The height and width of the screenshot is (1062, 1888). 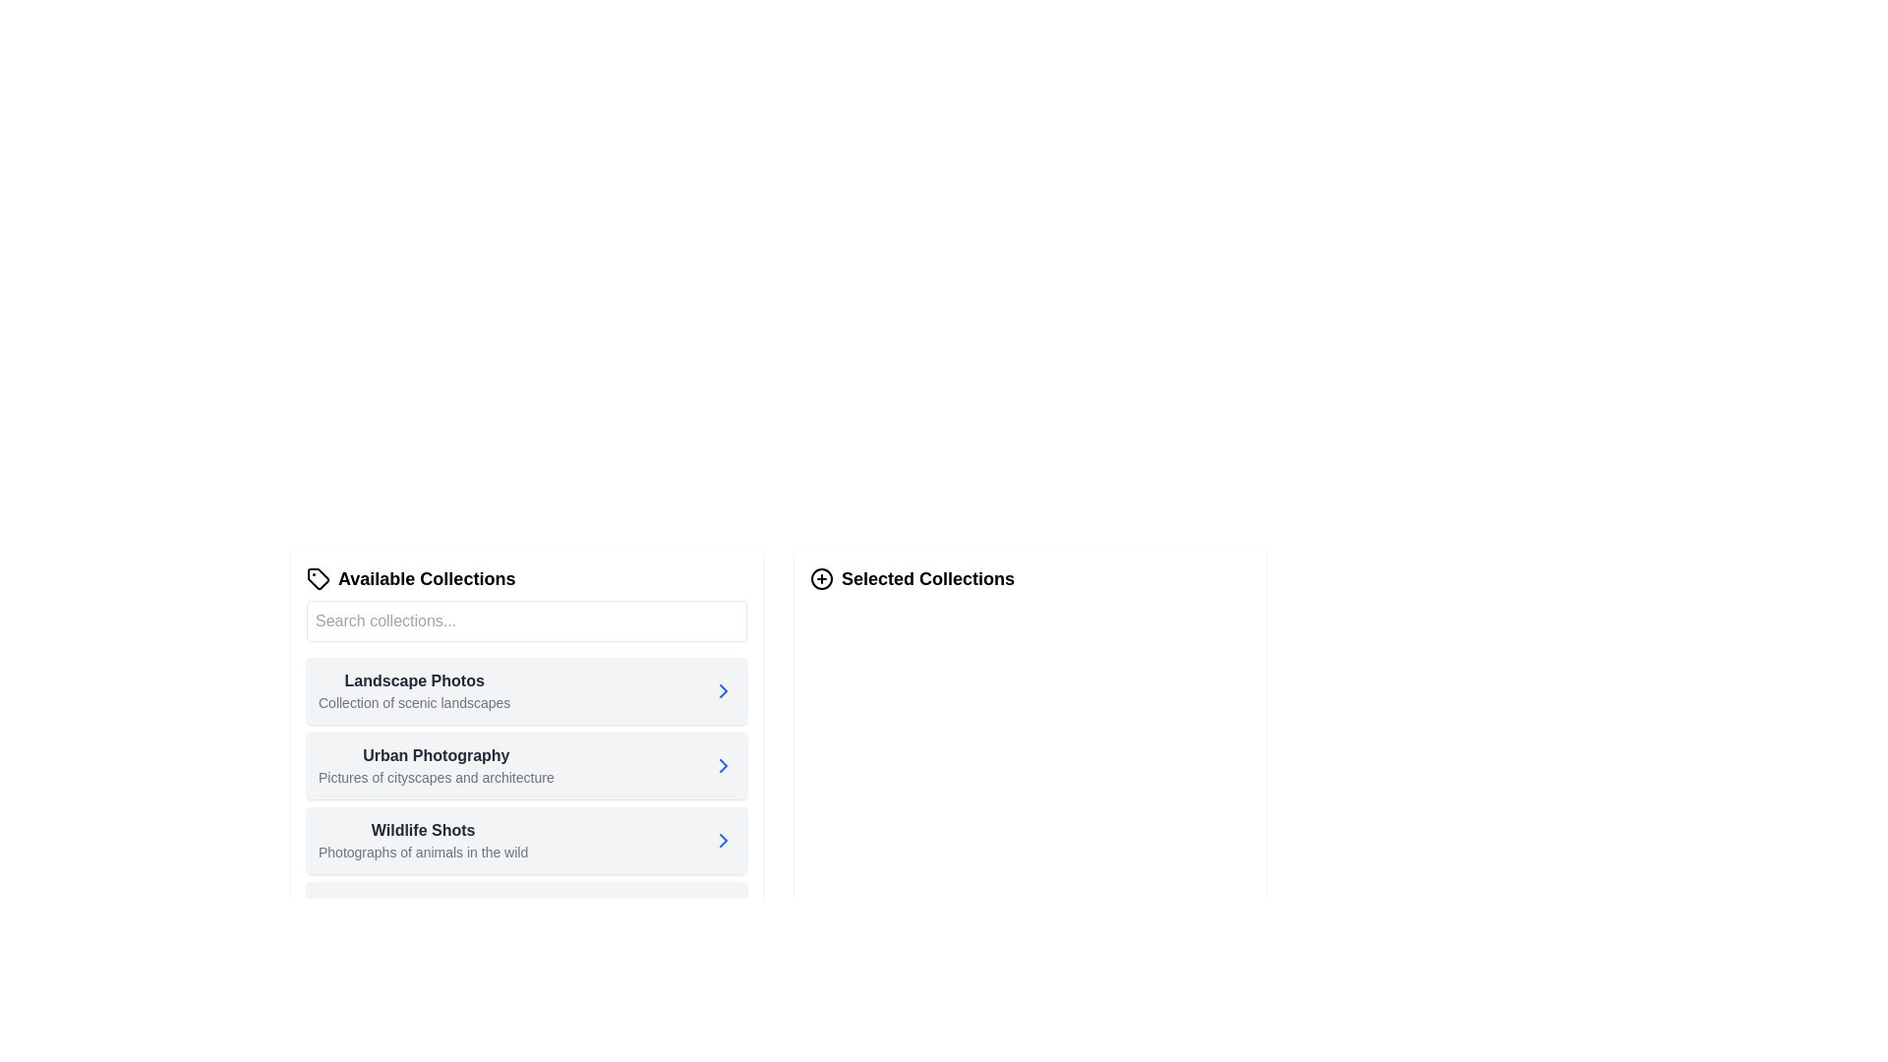 I want to click on the 'Landscape Photos' Textual Description Block, which consists of two lines of text, so click(x=413, y=689).